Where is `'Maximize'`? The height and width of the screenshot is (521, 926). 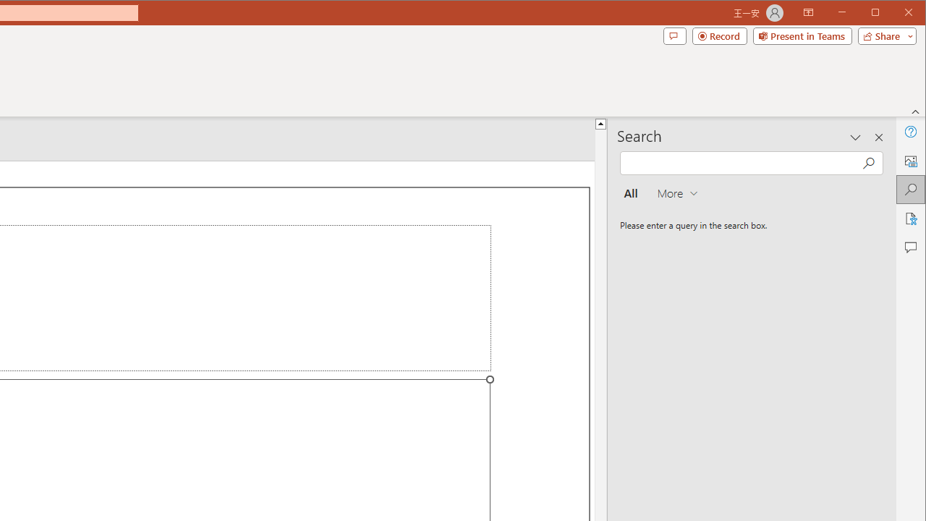 'Maximize' is located at coordinates (896, 14).